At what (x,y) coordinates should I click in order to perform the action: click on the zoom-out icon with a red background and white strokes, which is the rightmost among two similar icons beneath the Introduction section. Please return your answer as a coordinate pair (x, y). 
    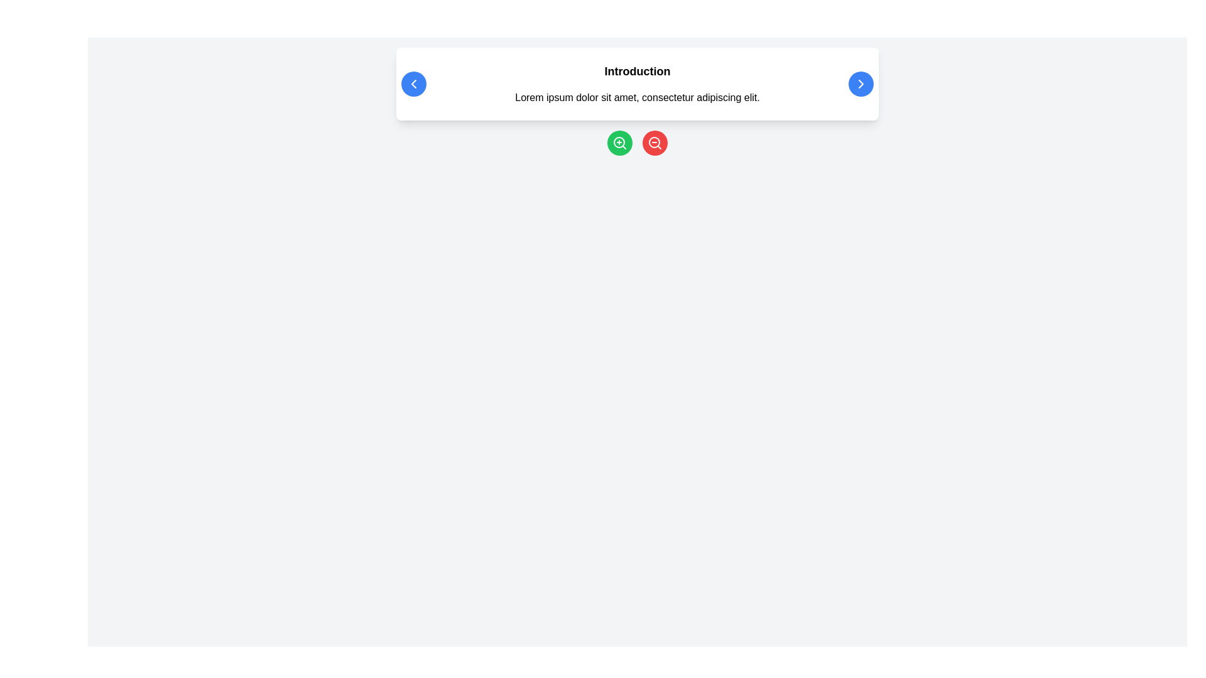
    Looking at the image, I should click on (654, 142).